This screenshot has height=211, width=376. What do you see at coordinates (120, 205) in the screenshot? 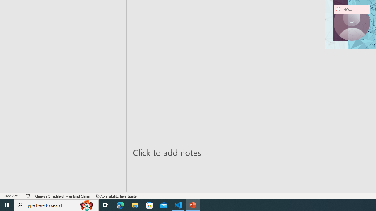
I see `'Microsoft Edge'` at bounding box center [120, 205].